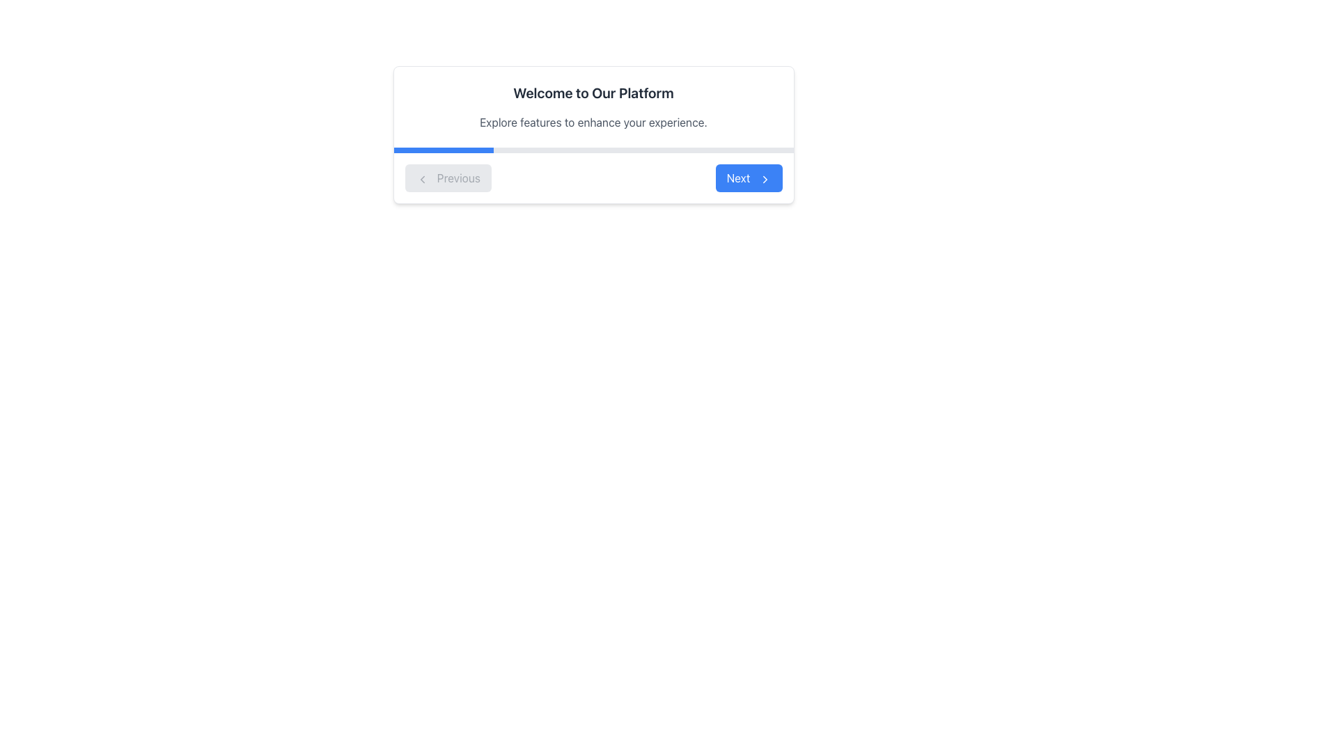 This screenshot has width=1337, height=752. Describe the element at coordinates (764, 178) in the screenshot. I see `the chevron-shaped icon with a blue background, located to the right of the 'Next' text on the button` at that location.